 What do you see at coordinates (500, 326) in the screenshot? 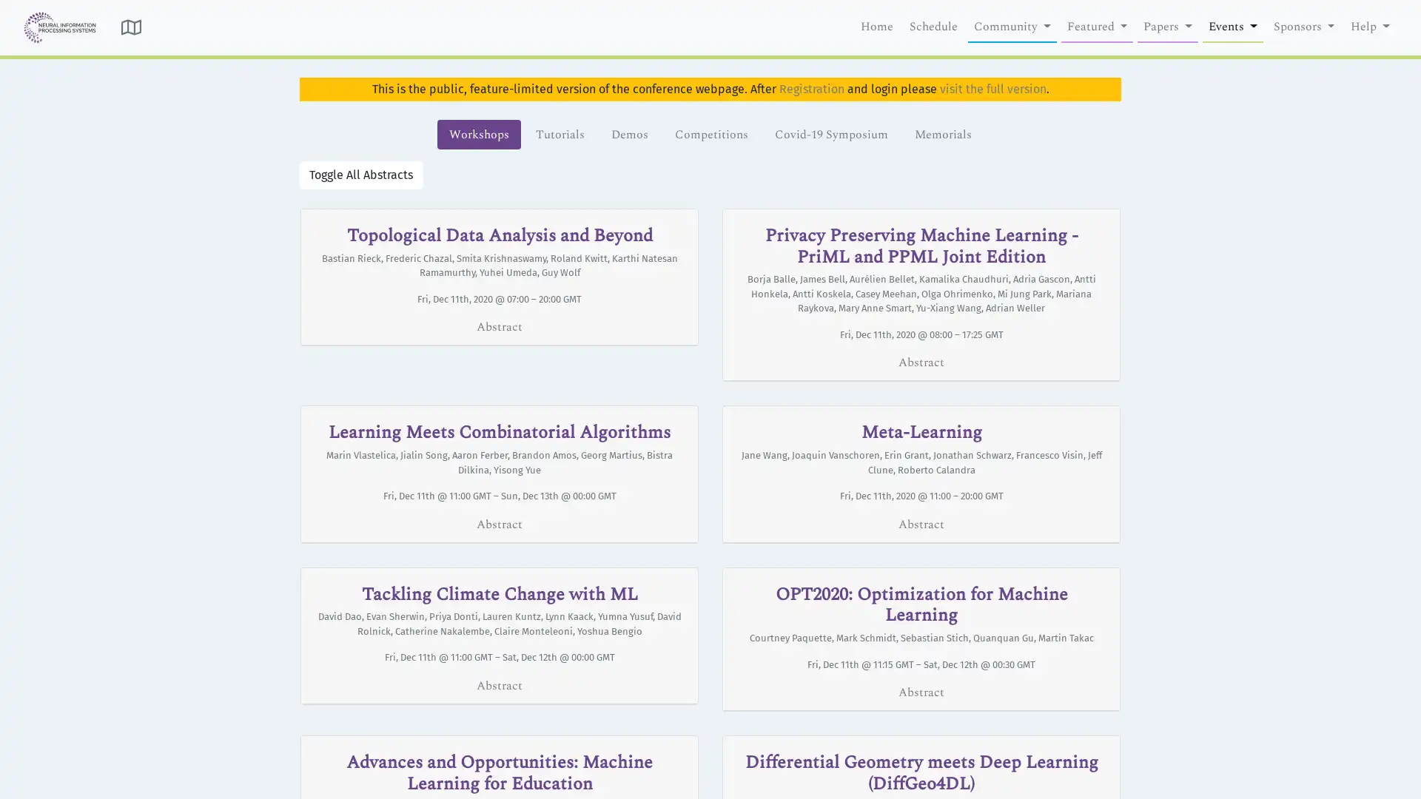
I see `Abstract` at bounding box center [500, 326].